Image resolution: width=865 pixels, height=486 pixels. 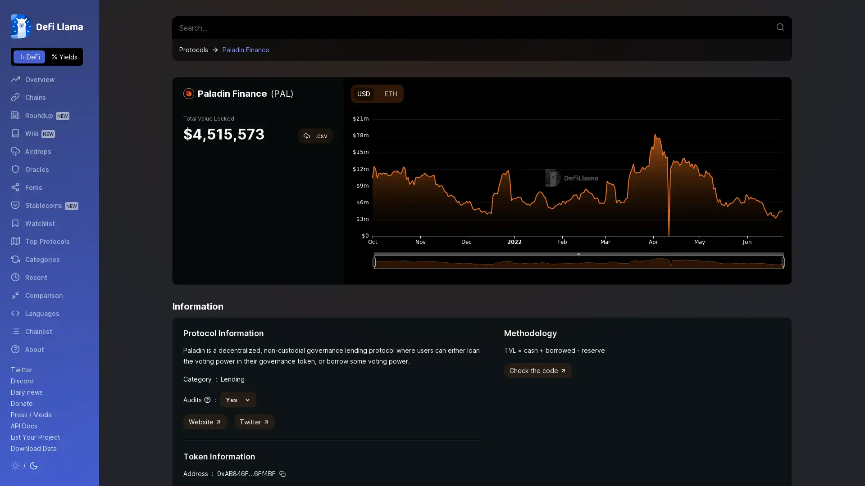 I want to click on Enable Goblin Mode bobo cheers, so click(x=780, y=86).